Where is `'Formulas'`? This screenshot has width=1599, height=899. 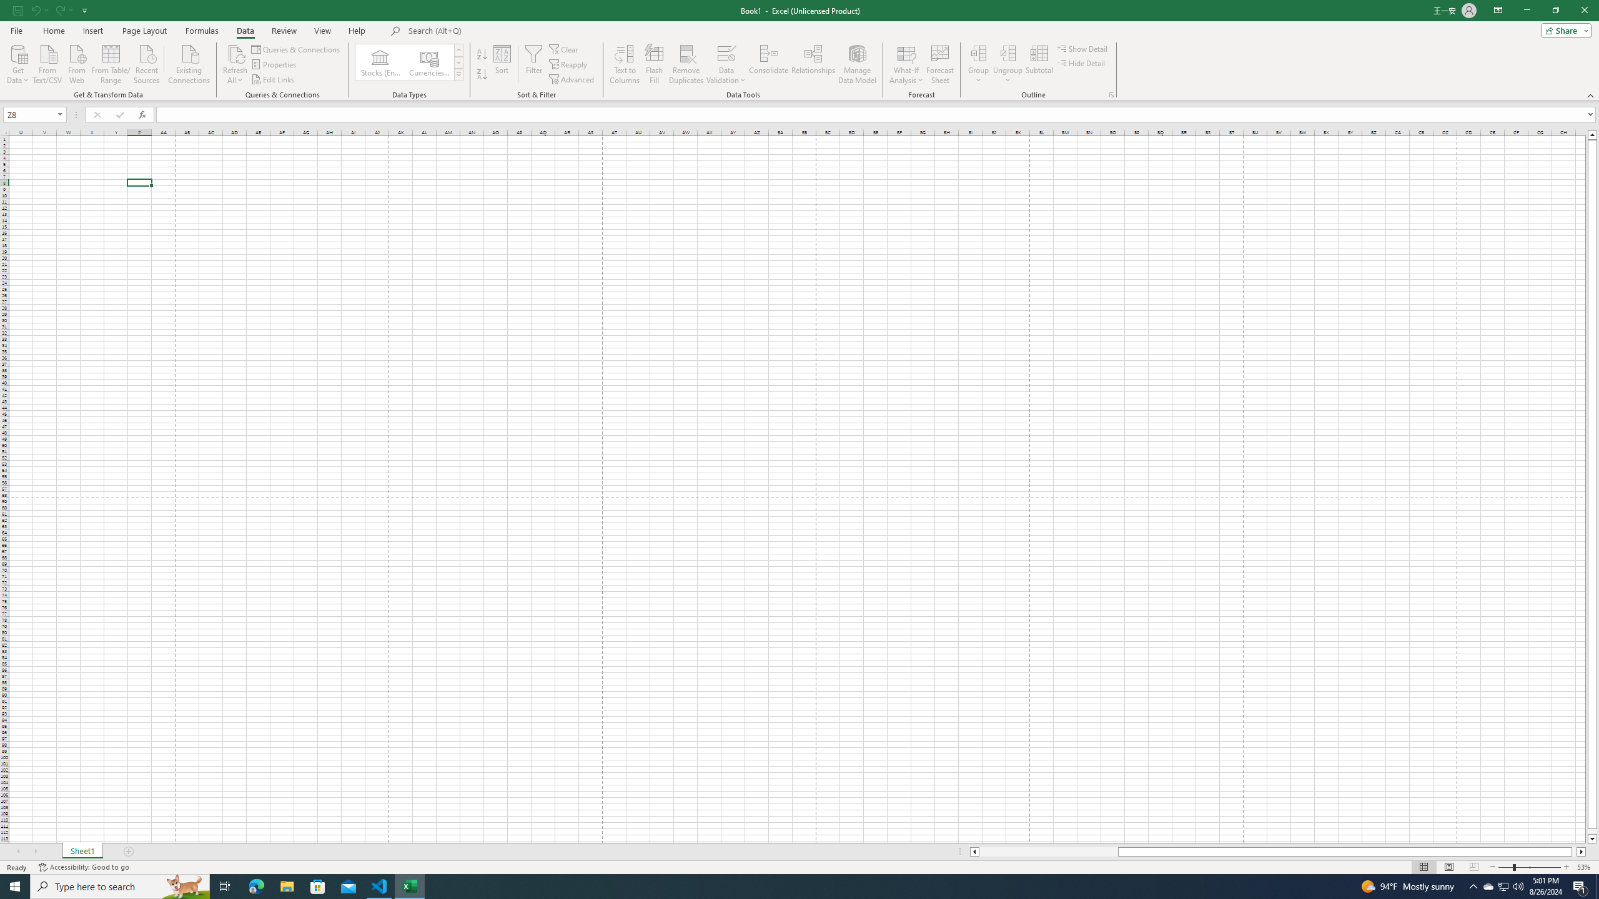
'Formulas' is located at coordinates (203, 31).